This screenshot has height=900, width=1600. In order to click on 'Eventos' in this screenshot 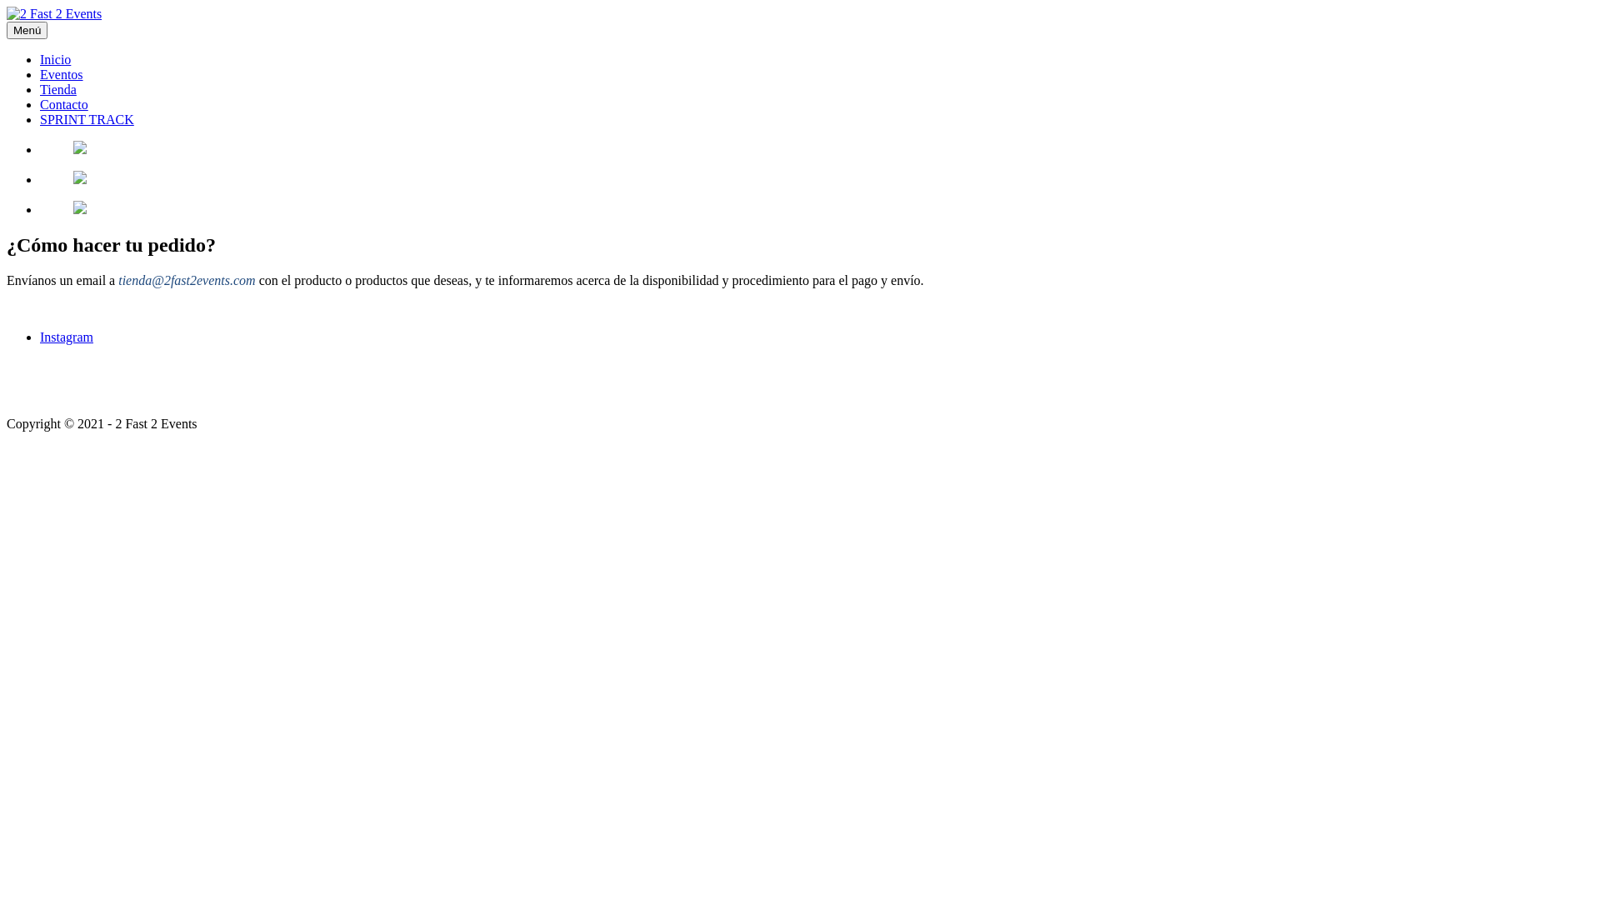, I will do `click(61, 73)`.